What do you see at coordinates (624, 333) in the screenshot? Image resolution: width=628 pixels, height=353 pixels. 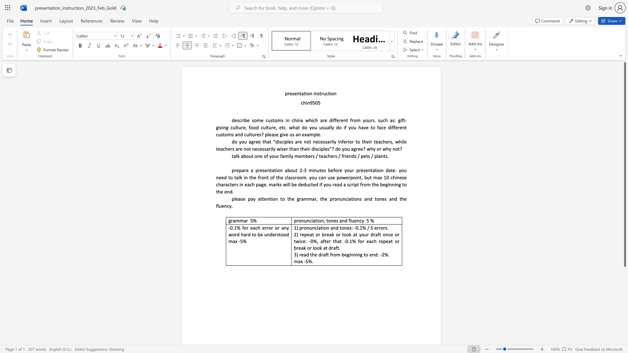 I see `the scrollbar to adjust the page downward` at bounding box center [624, 333].